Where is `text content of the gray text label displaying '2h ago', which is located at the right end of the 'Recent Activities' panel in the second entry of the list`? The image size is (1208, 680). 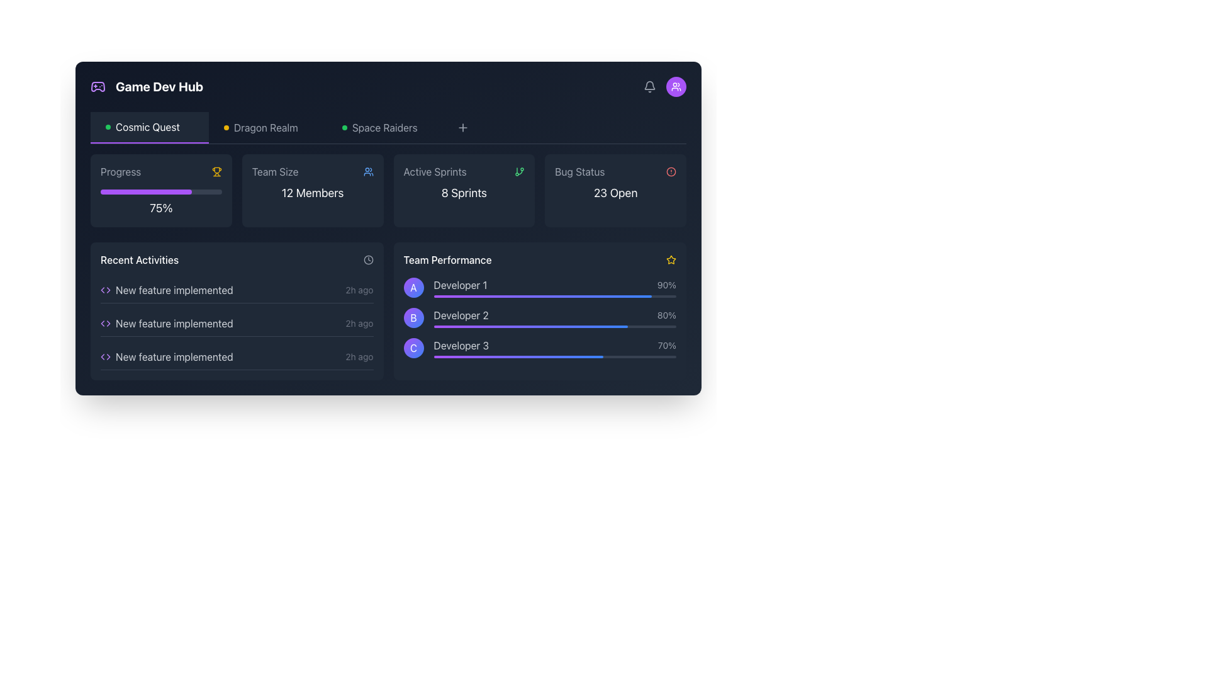
text content of the gray text label displaying '2h ago', which is located at the right end of the 'Recent Activities' panel in the second entry of the list is located at coordinates (359, 322).